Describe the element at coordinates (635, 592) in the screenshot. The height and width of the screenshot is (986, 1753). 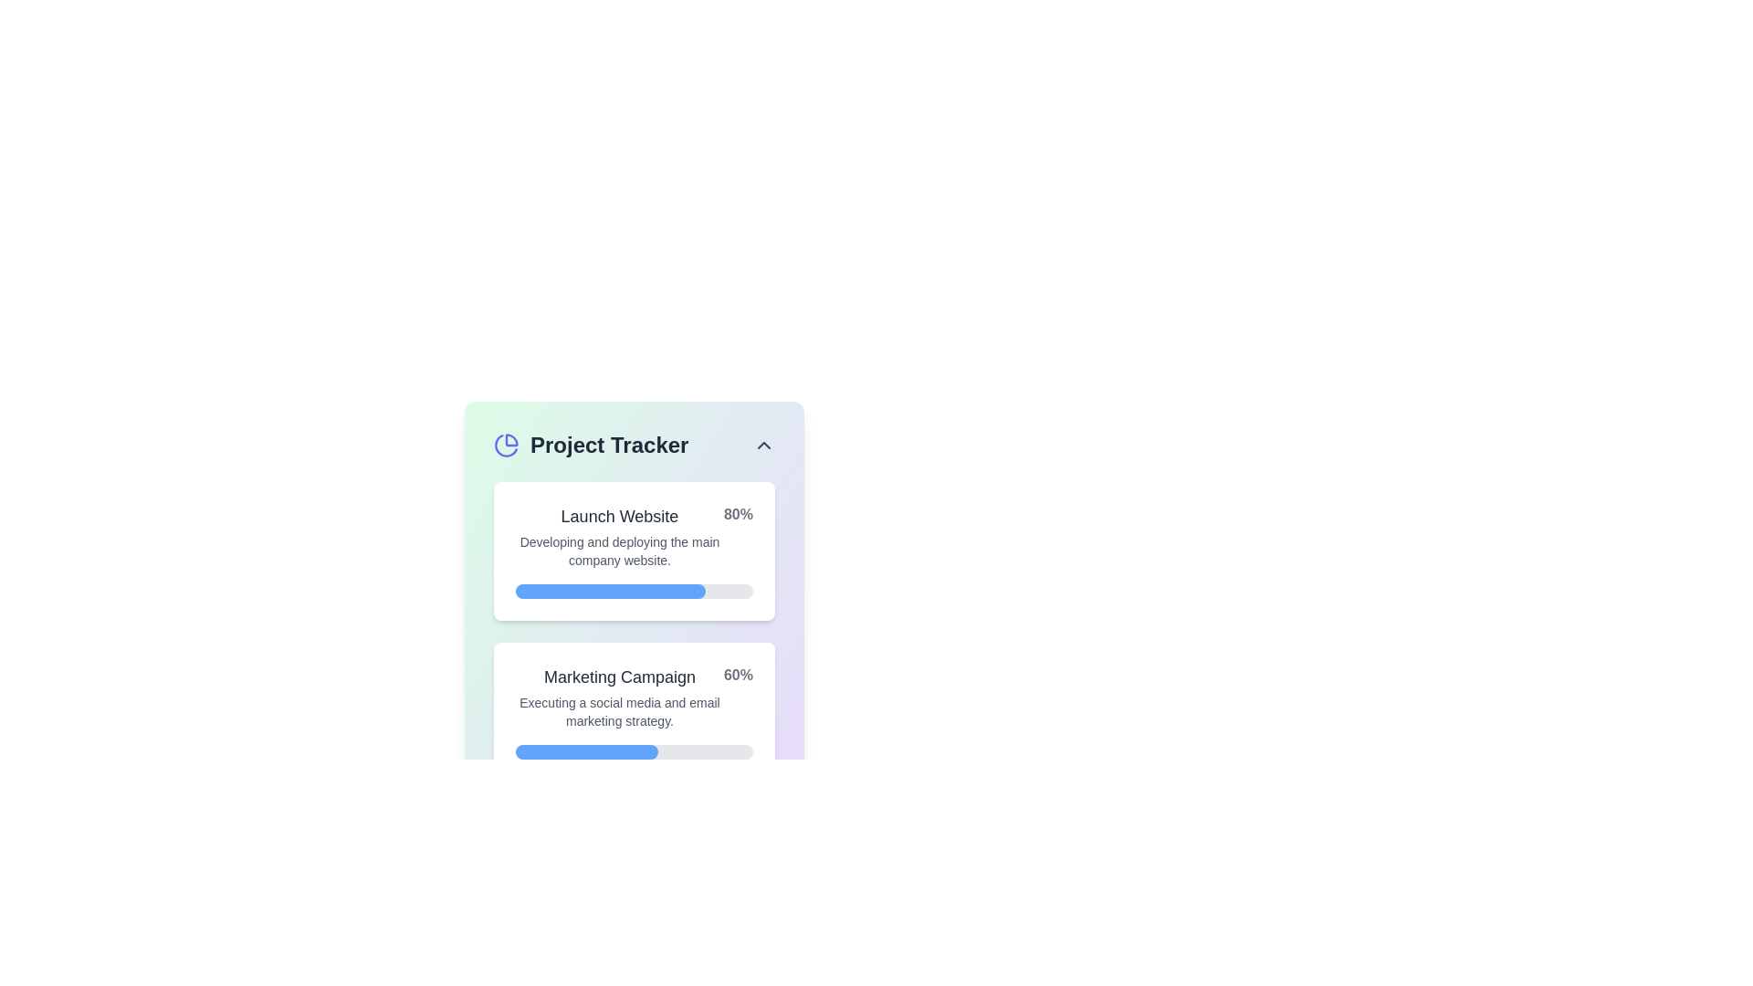
I see `the progress bar indicating 80% completion located within the 'Launch Website' card, below the text 'Developing and deploying the main company website.'` at that location.